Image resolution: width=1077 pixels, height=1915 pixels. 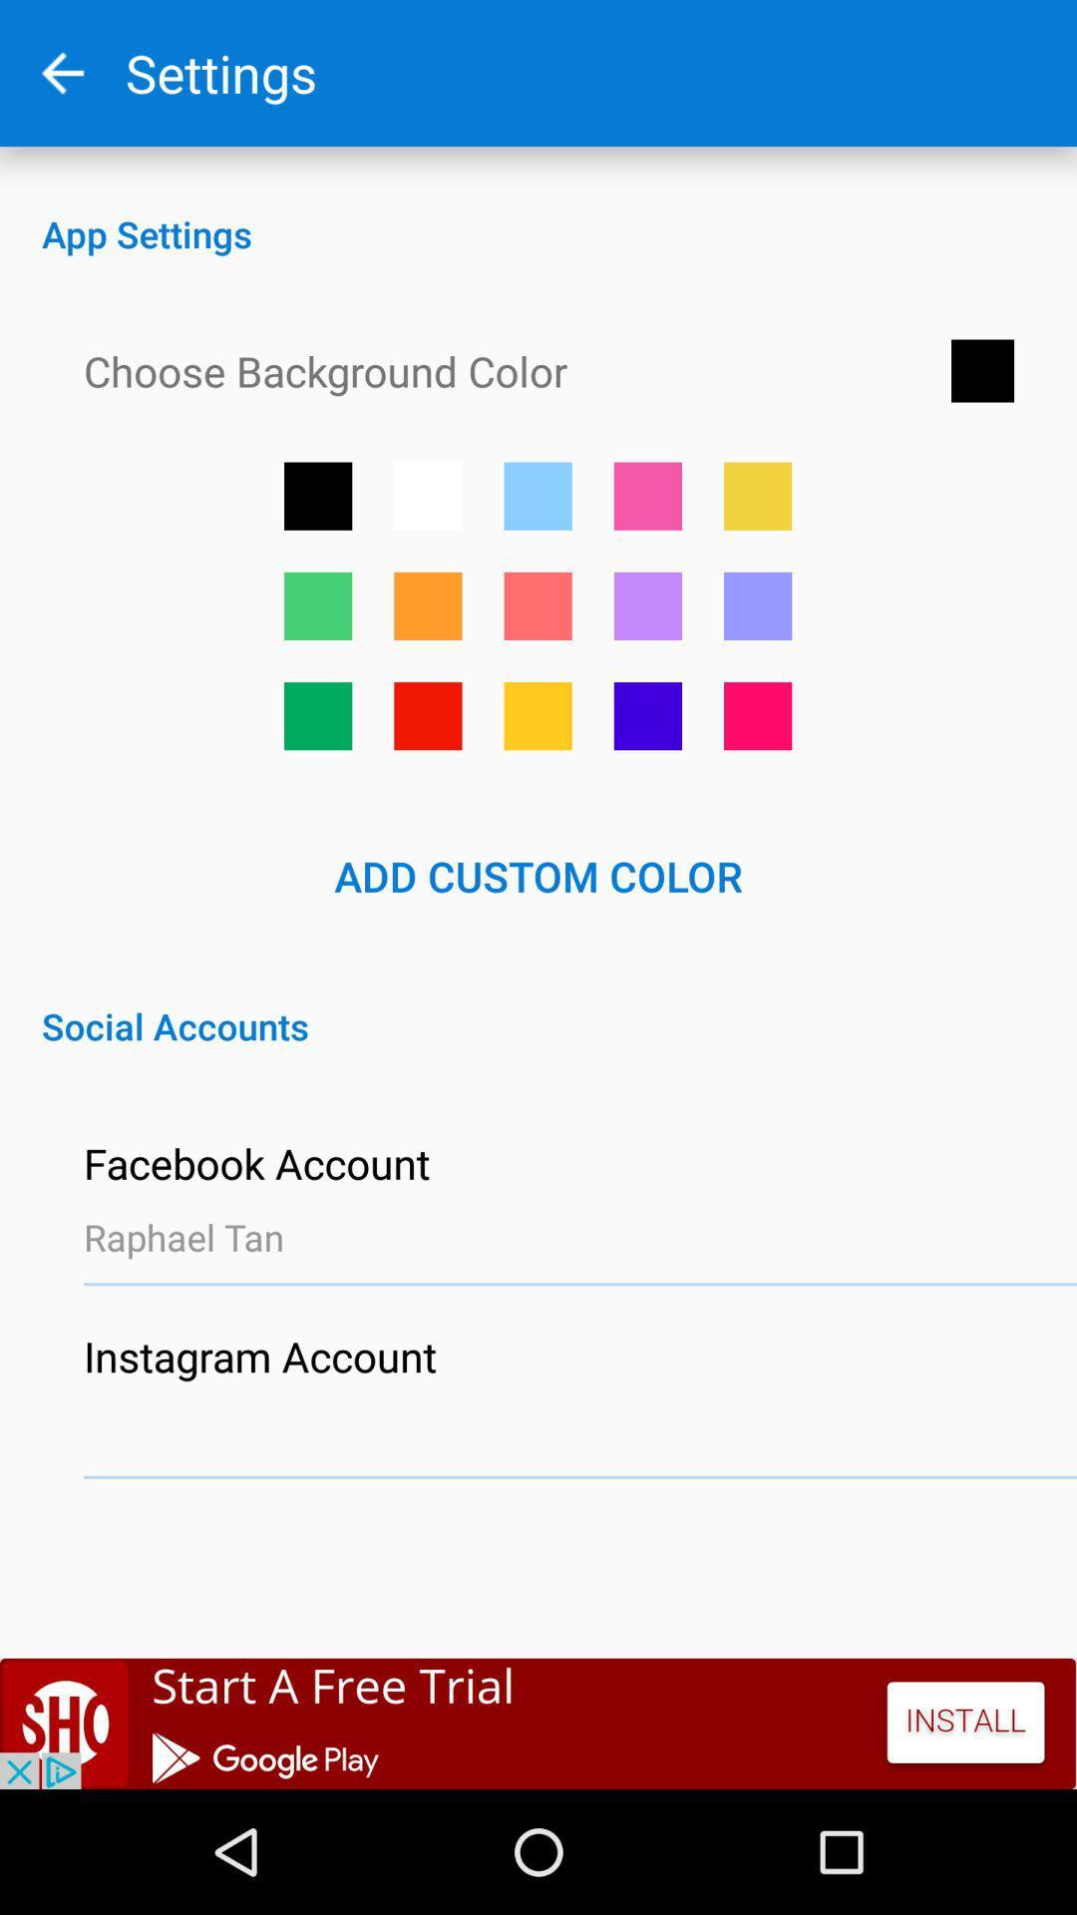 I want to click on yellow, so click(x=758, y=496).